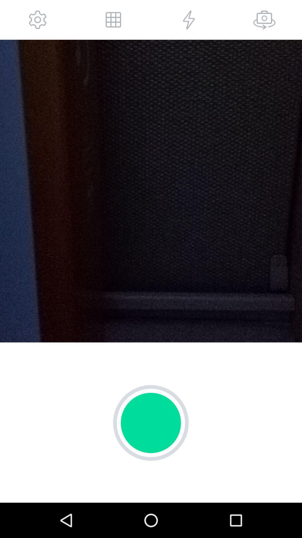  What do you see at coordinates (189, 20) in the screenshot?
I see `clik the option for particular process` at bounding box center [189, 20].